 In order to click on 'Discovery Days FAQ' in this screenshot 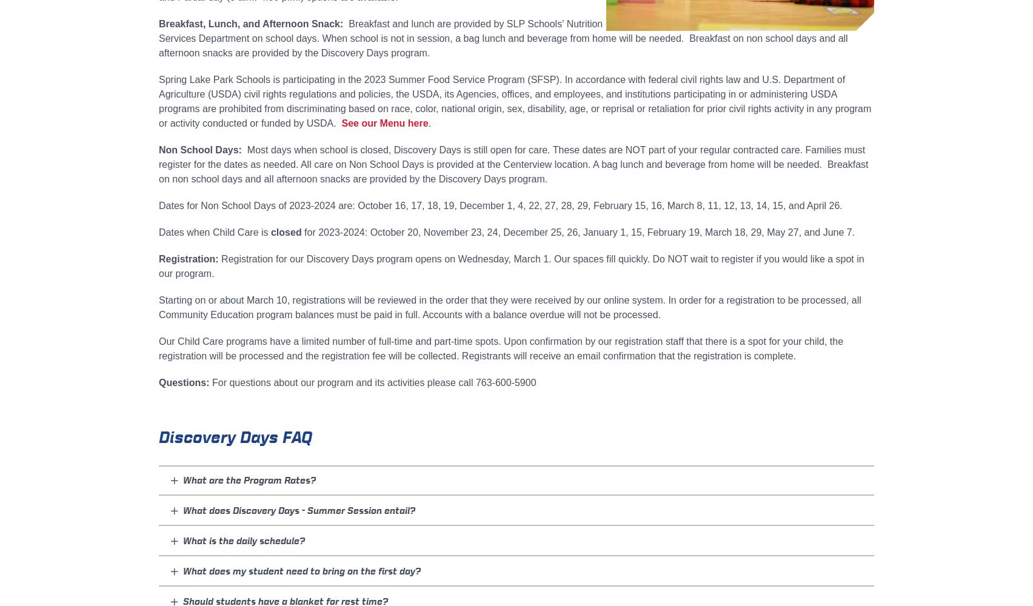, I will do `click(235, 436)`.